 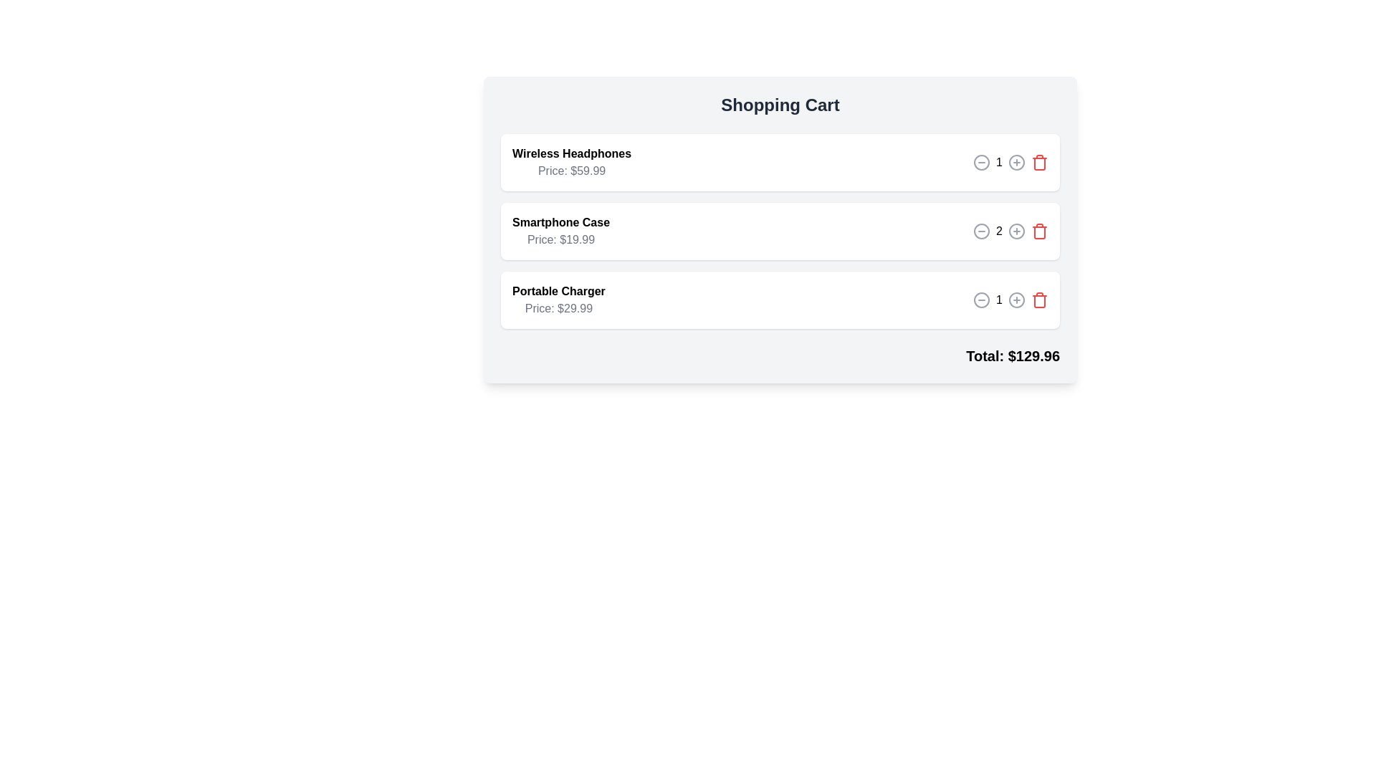 I want to click on plus button for the item identified by Portable Charger, so click(x=1016, y=300).